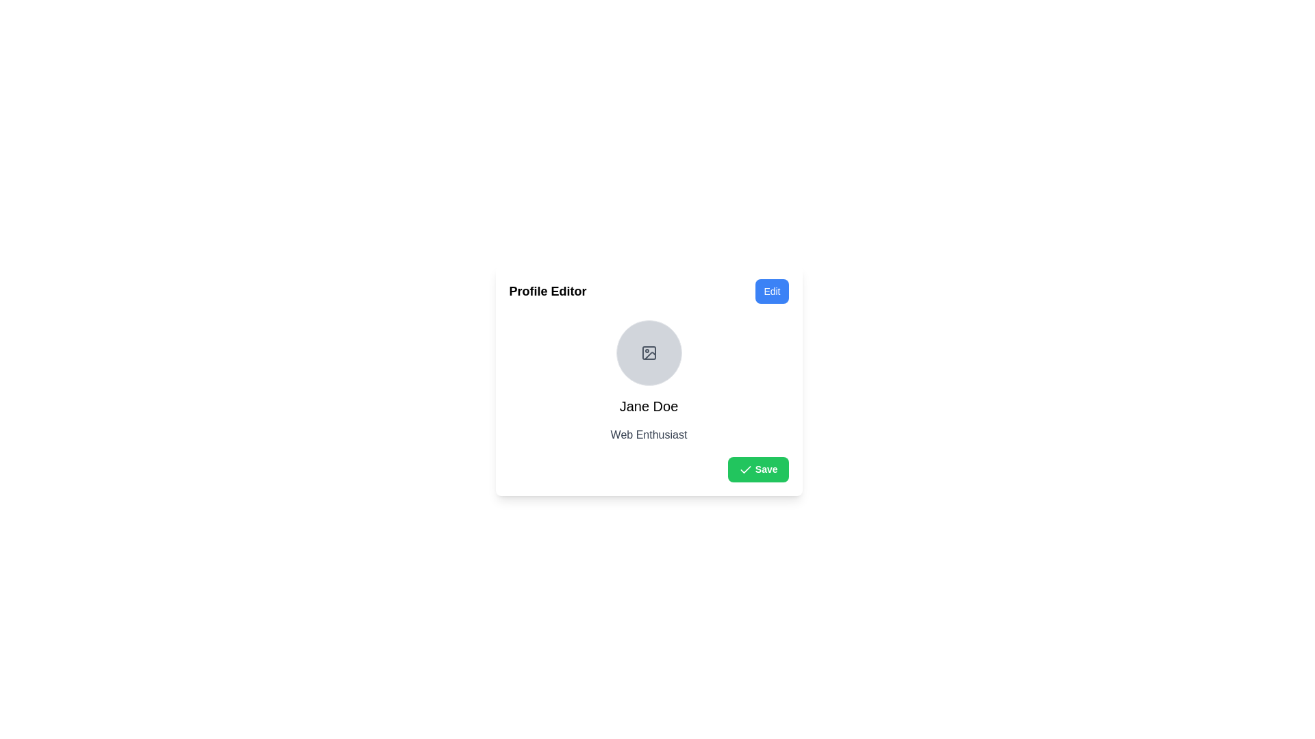  Describe the element at coordinates (648, 352) in the screenshot. I see `the circular Image Placeholder button with a light gray background and an image icon, located above the text 'Jane Doe' in the profile card layout` at that location.